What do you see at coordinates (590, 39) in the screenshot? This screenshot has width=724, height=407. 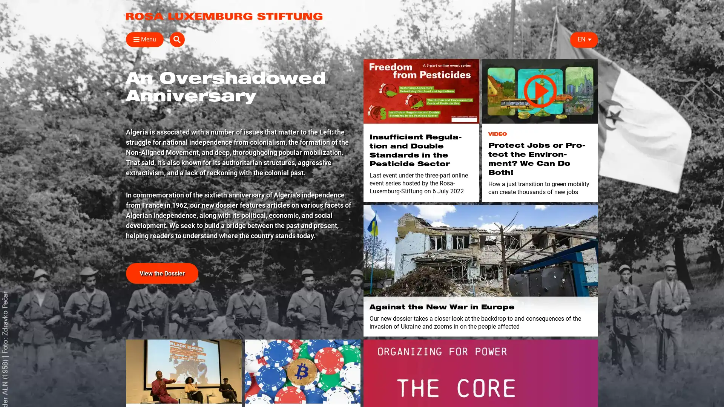 I see `Search` at bounding box center [590, 39].